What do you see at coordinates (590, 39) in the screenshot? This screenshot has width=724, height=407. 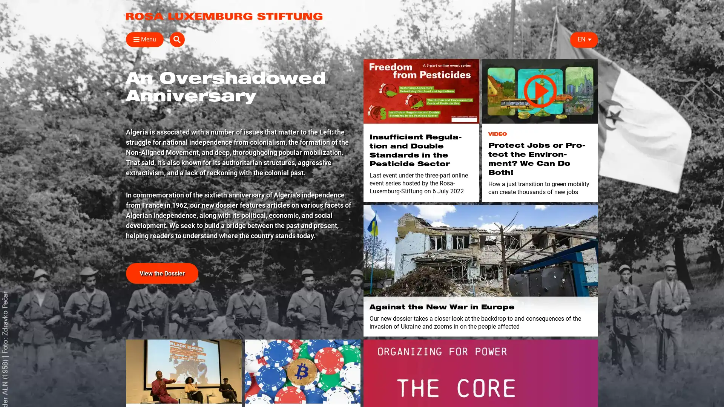 I see `Search` at bounding box center [590, 39].